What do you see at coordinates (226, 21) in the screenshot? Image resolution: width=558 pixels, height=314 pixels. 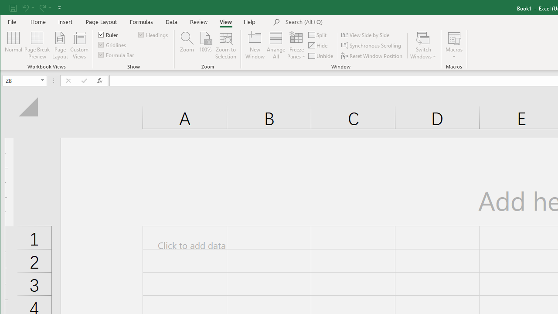 I see `'View'` at bounding box center [226, 21].